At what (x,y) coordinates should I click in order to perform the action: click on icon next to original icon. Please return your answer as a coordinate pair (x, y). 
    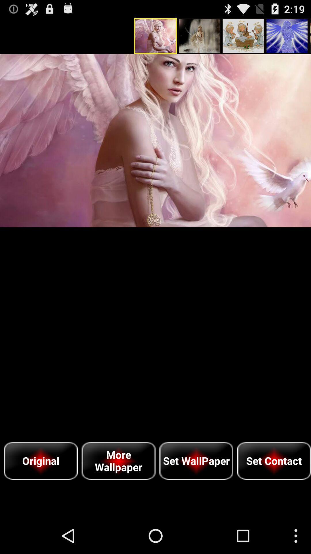
    Looking at the image, I should click on (118, 461).